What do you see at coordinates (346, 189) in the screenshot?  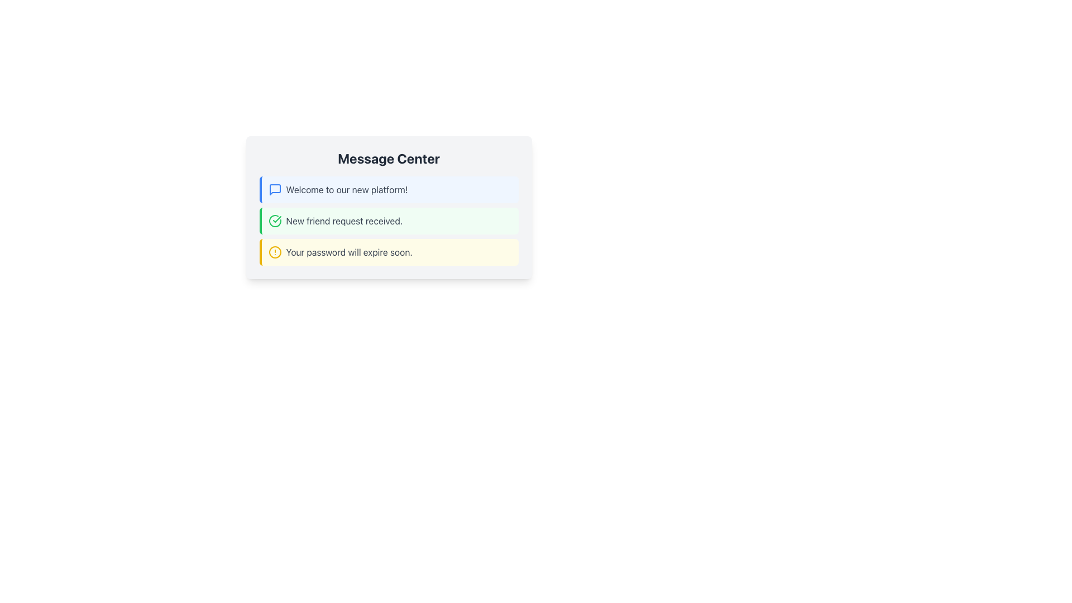 I see `message from the Text Label that conveys a welcome notification in the Message Center panel` at bounding box center [346, 189].